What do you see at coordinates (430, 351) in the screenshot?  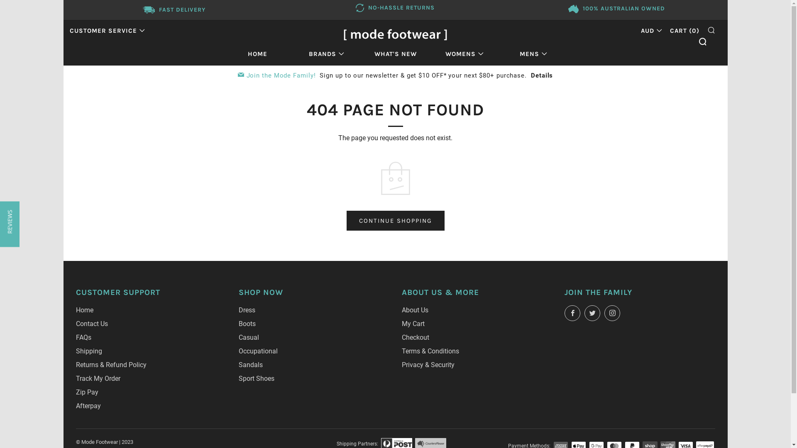 I see `'Terms & Conditions'` at bounding box center [430, 351].